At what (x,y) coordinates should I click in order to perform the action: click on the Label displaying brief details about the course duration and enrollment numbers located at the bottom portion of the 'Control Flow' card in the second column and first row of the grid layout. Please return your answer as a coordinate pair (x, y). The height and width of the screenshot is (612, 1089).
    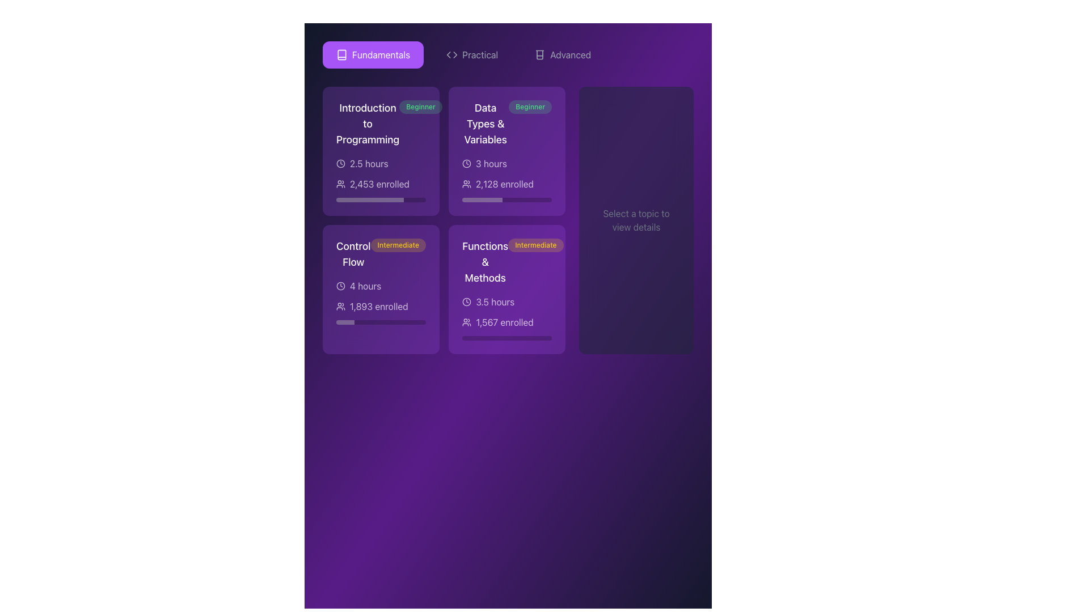
    Looking at the image, I should click on (381, 301).